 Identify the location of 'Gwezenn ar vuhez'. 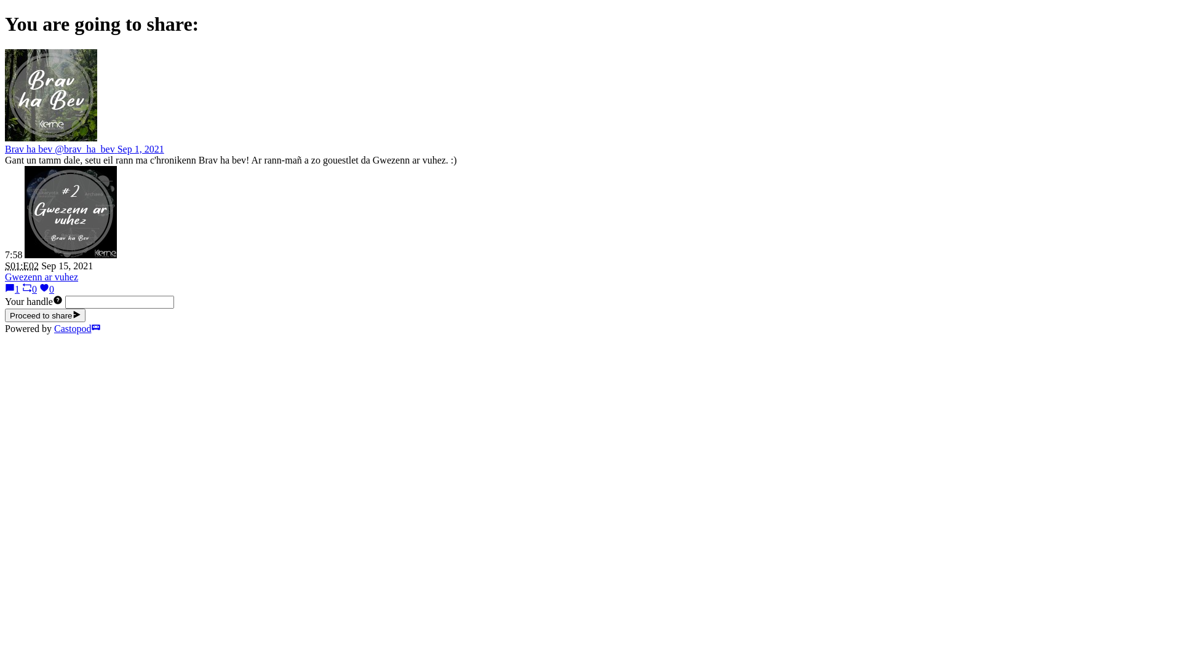
(41, 277).